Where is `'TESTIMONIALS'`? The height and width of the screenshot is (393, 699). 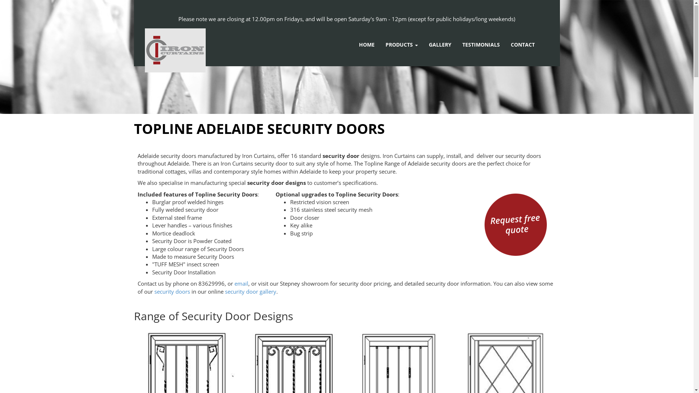 'TESTIMONIALS' is located at coordinates (481, 45).